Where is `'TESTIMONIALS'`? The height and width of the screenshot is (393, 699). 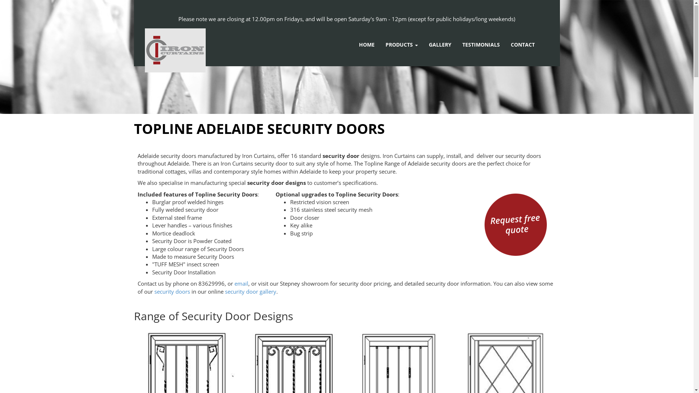 'TESTIMONIALS' is located at coordinates (481, 45).